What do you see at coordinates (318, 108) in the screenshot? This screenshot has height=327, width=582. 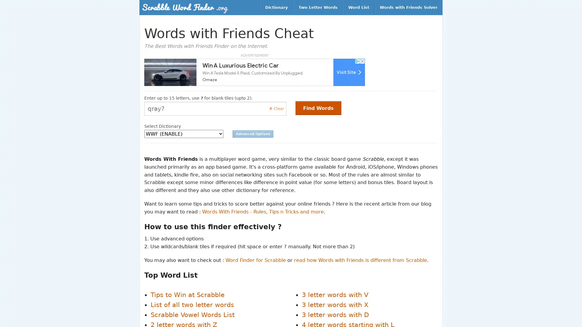 I see `Find Words` at bounding box center [318, 108].